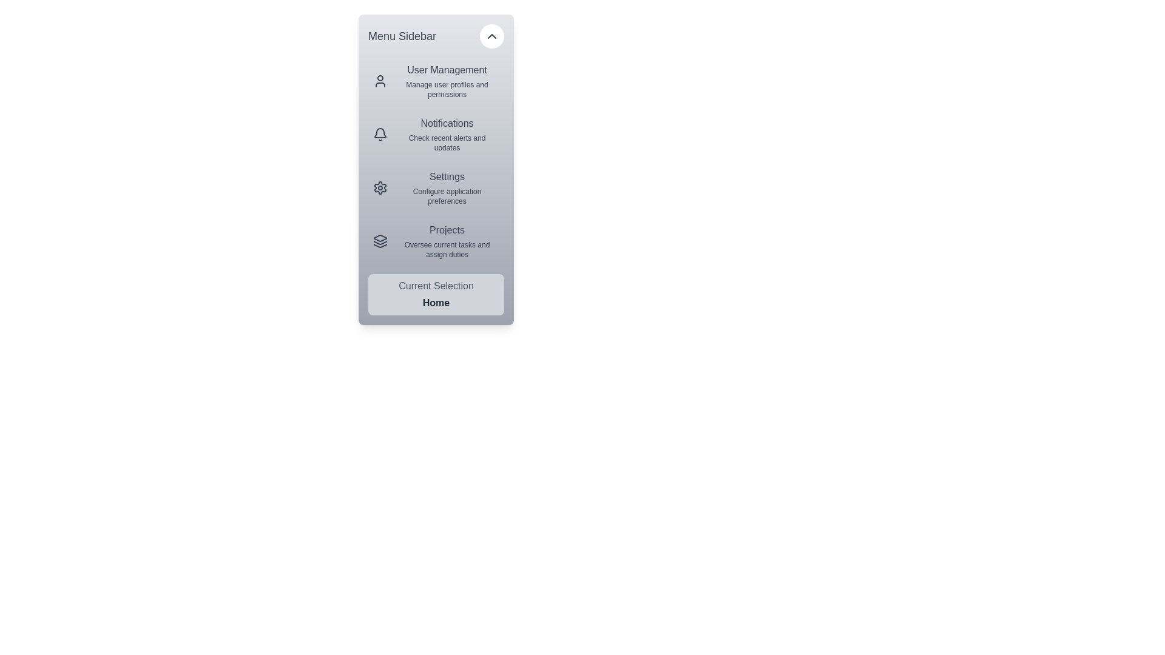 This screenshot has height=655, width=1165. What do you see at coordinates (447, 135) in the screenshot?
I see `the 'Notifications' button located on the vertical sidebar` at bounding box center [447, 135].